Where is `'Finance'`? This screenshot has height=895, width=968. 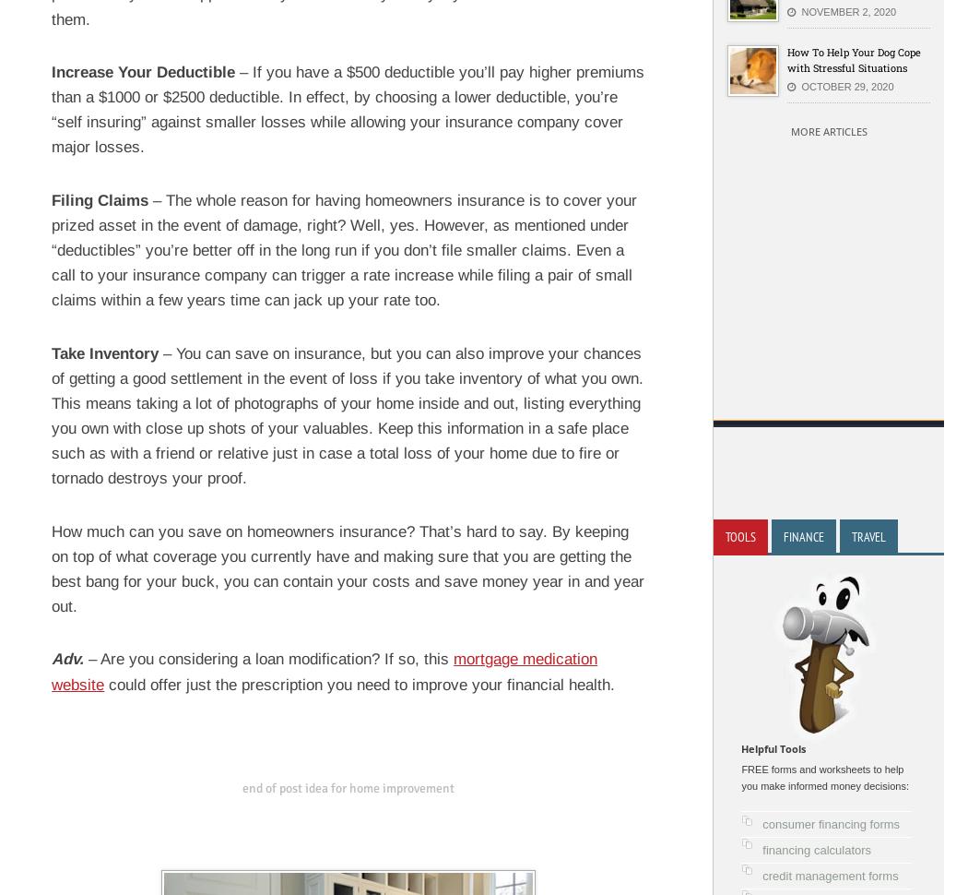 'Finance' is located at coordinates (783, 537).